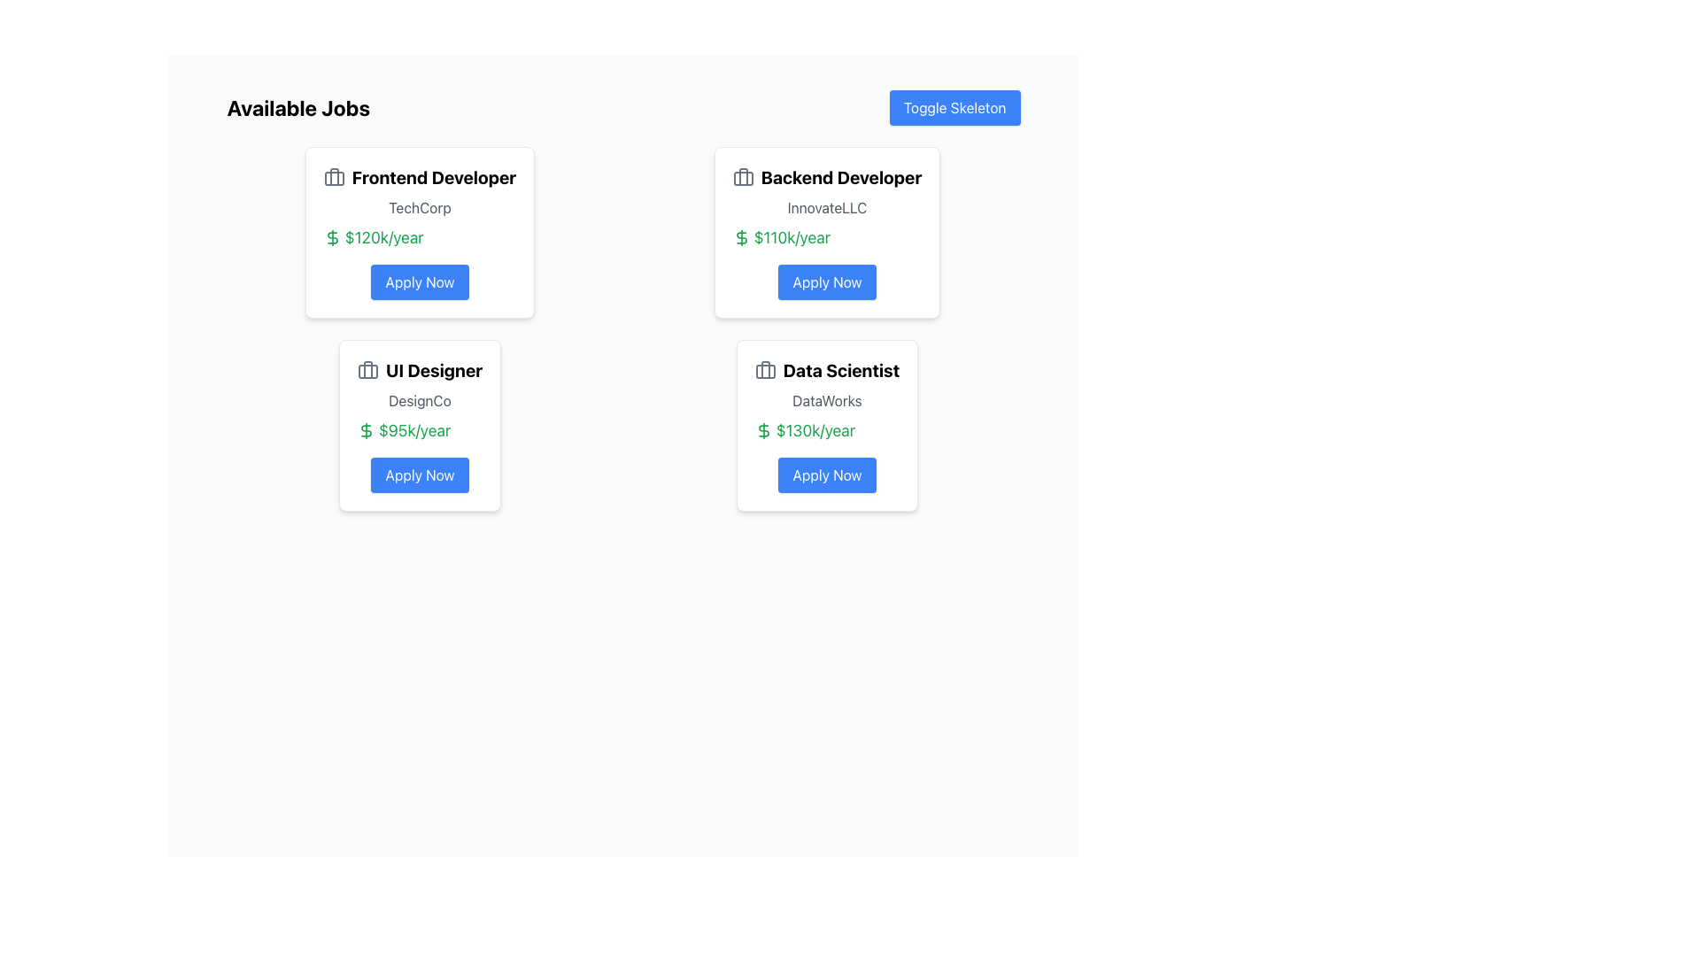 This screenshot has width=1700, height=956. Describe the element at coordinates (826, 426) in the screenshot. I see `the job listing card for the 'Data Scientist' position, which is located in the bottom-right corner of the job listings grid, adjacent to the 'Backend Developer' card` at that location.